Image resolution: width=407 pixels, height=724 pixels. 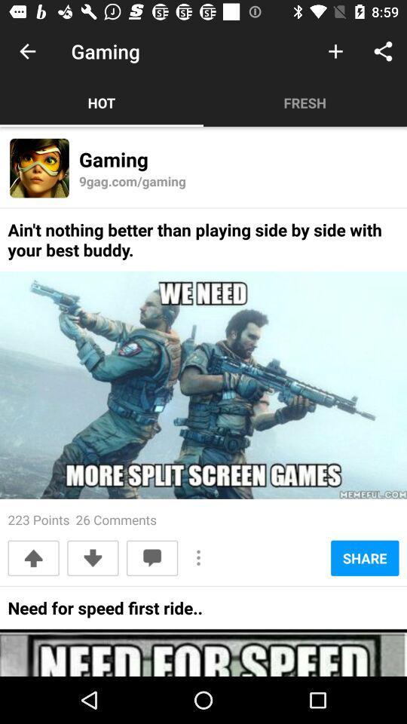 What do you see at coordinates (203, 244) in the screenshot?
I see `the ain t nothing icon` at bounding box center [203, 244].